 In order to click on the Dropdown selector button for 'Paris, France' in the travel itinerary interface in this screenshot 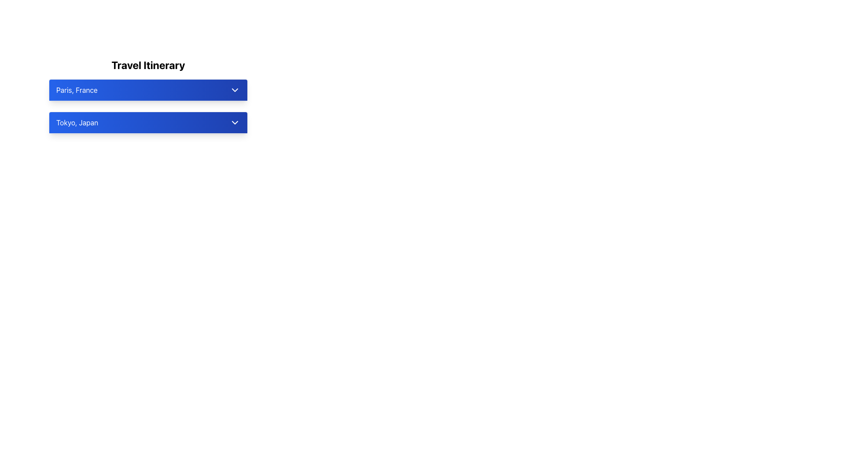, I will do `click(148, 90)`.